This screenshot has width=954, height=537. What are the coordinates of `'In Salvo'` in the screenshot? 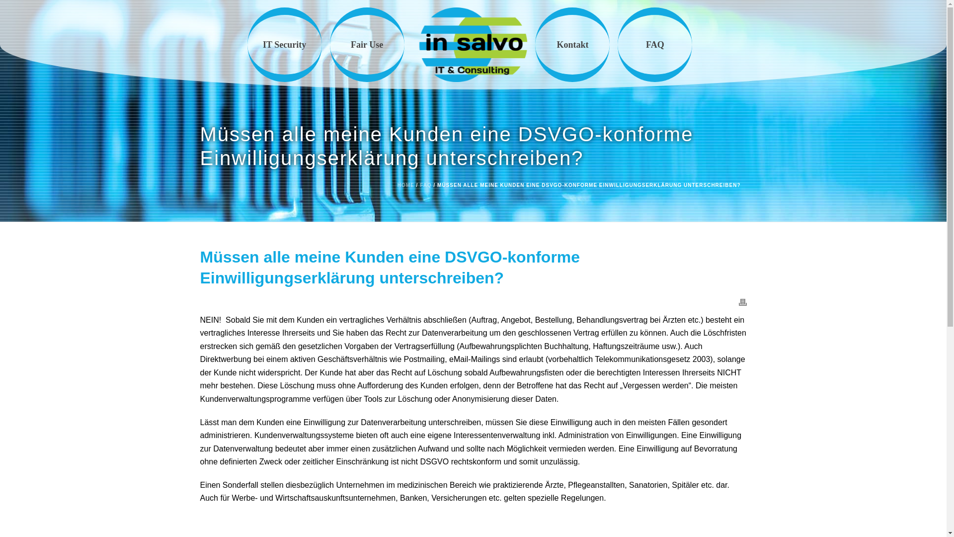 It's located at (419, 44).